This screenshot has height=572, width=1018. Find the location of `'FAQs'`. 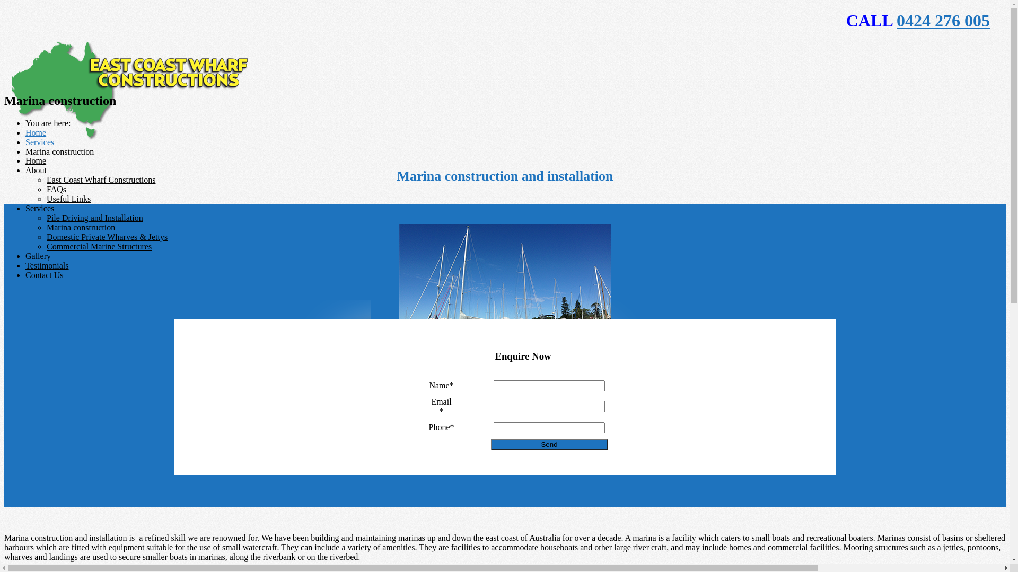

'FAQs' is located at coordinates (56, 189).